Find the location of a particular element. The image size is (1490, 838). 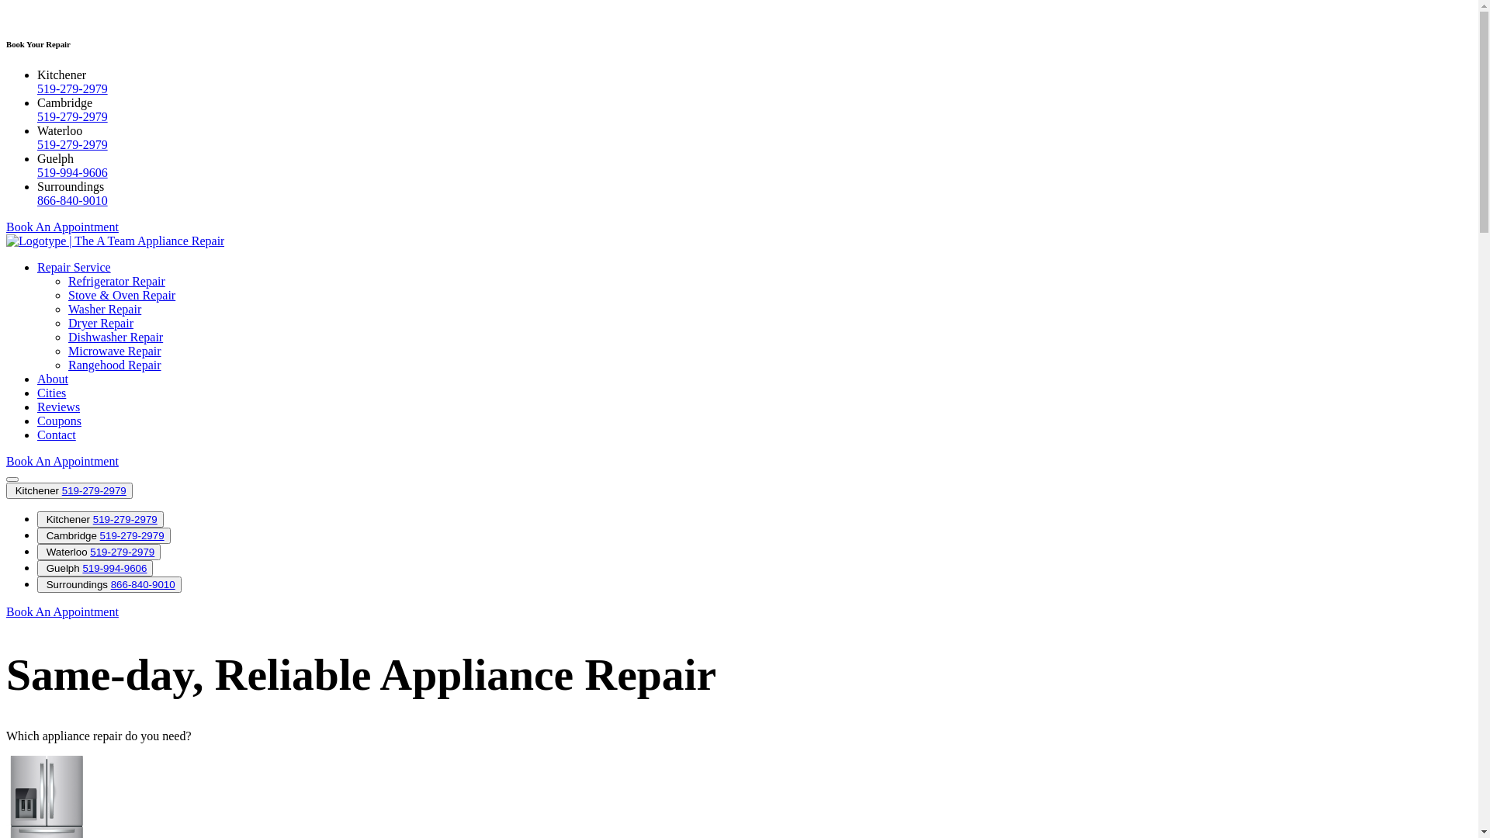

'Washer Repair' is located at coordinates (103, 309).